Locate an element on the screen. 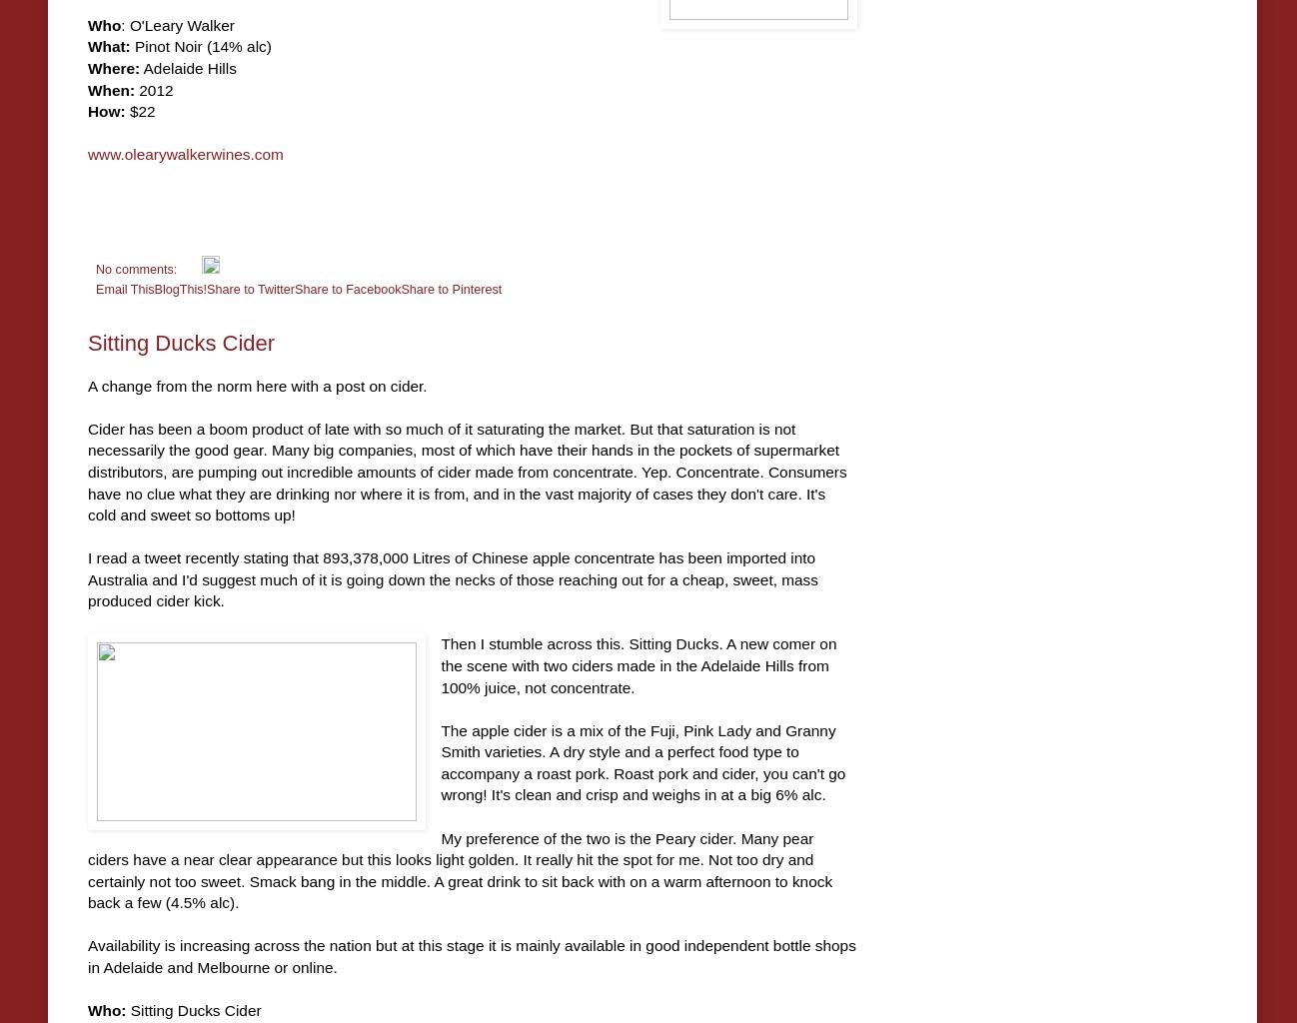  'Availability is increasing across the nation but at this stage it is mainly available in good independent bottle shops in Adelaide and Melbourne or online.' is located at coordinates (471, 956).